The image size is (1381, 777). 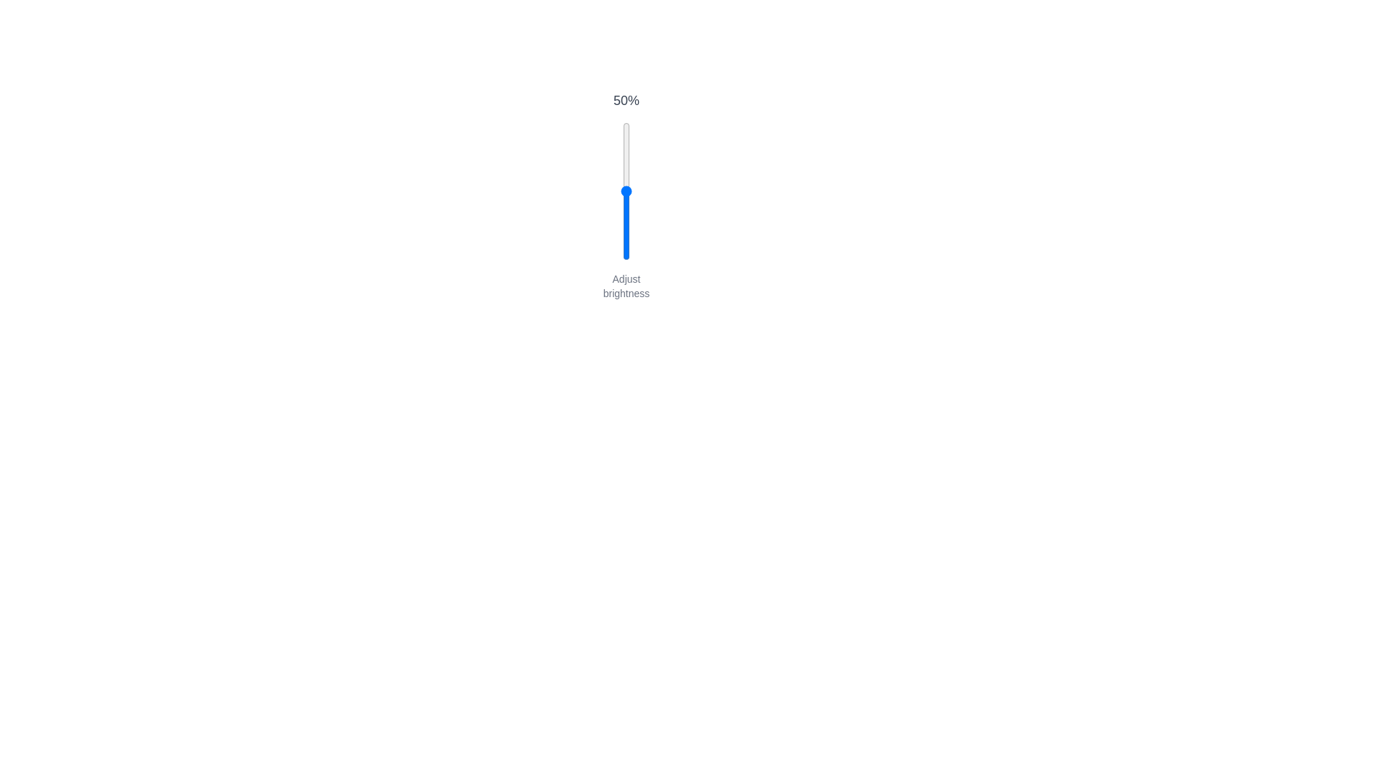 What do you see at coordinates (626, 159) in the screenshot?
I see `brightness` at bounding box center [626, 159].